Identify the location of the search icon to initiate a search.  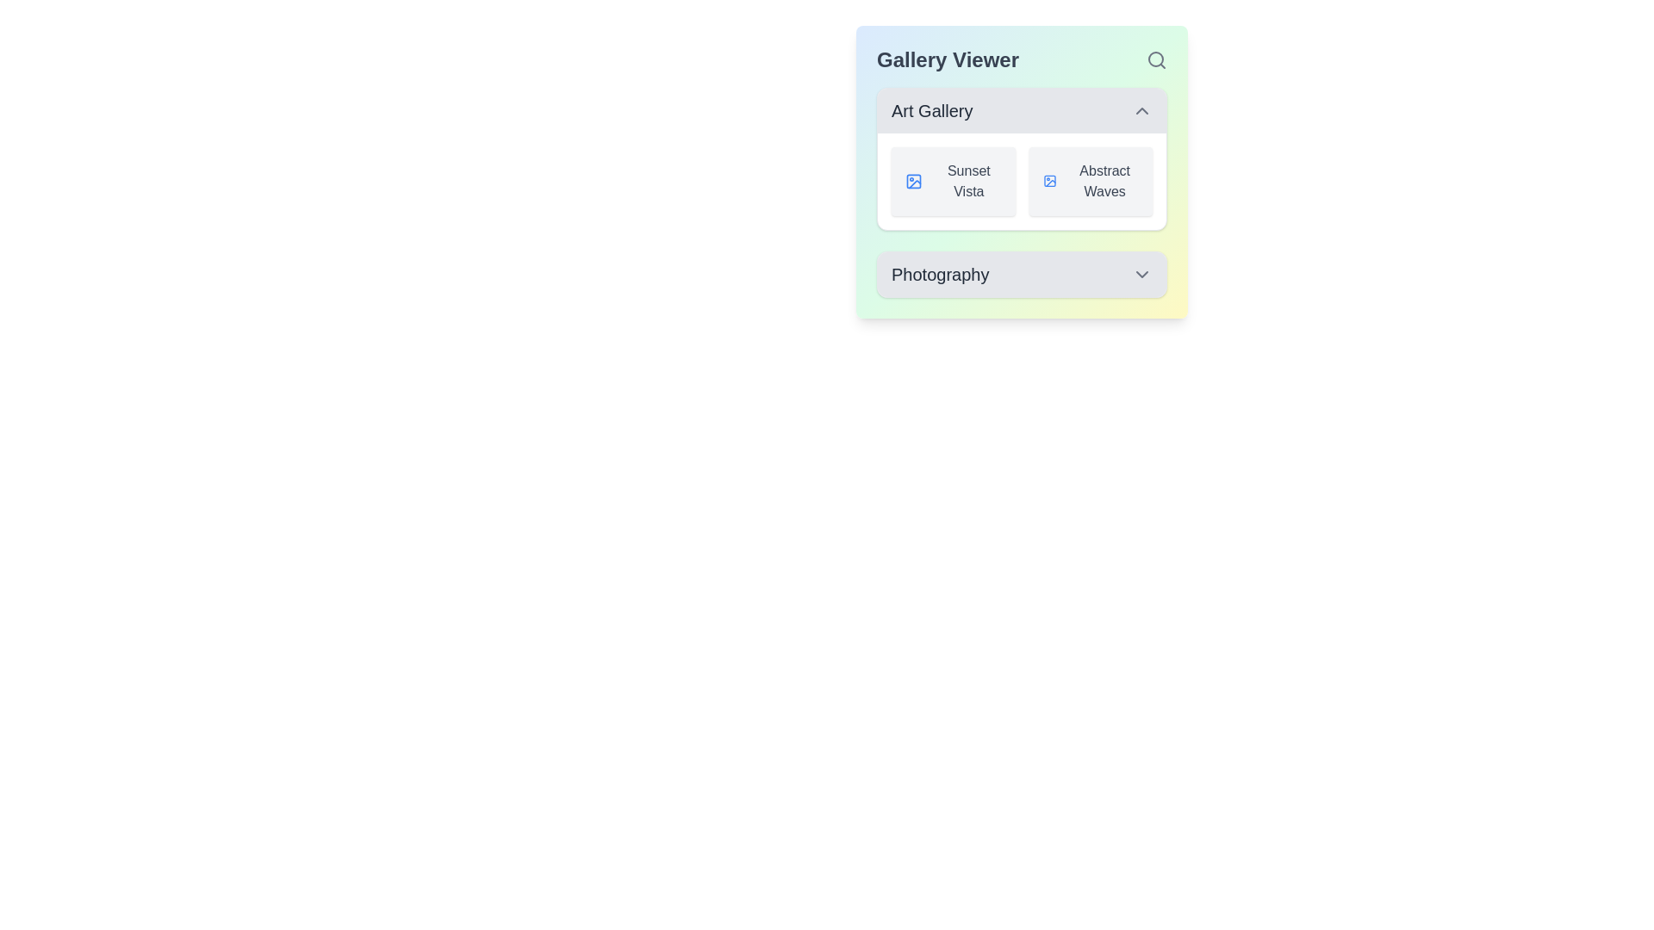
(1157, 59).